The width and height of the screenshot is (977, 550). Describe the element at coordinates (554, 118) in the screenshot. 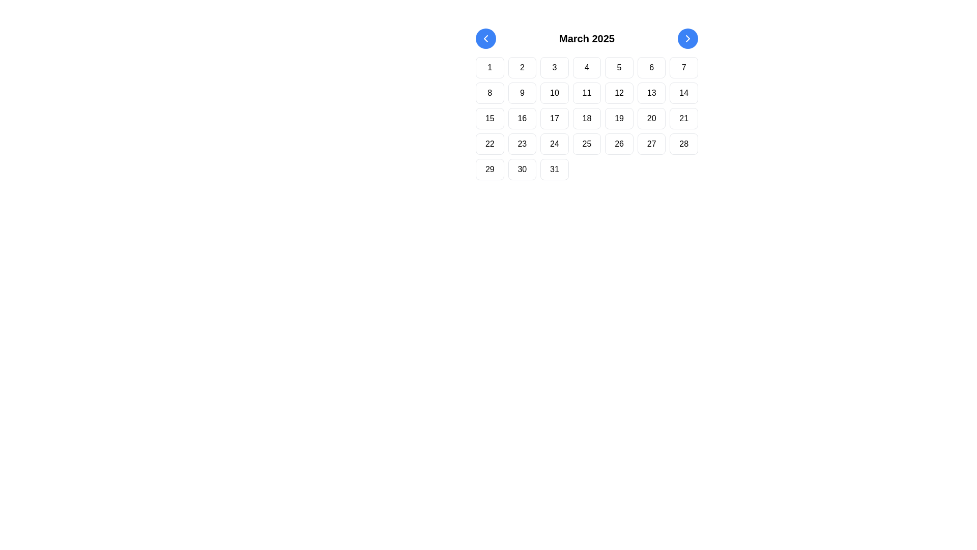

I see `the calendar button representing the 17th day of the month, located in the third row and third column of the calendar grid` at that location.